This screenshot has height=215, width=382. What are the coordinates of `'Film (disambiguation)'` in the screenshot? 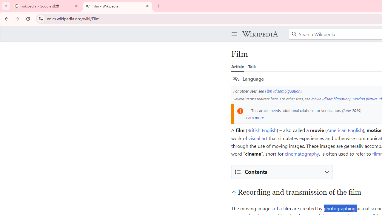 It's located at (283, 91).